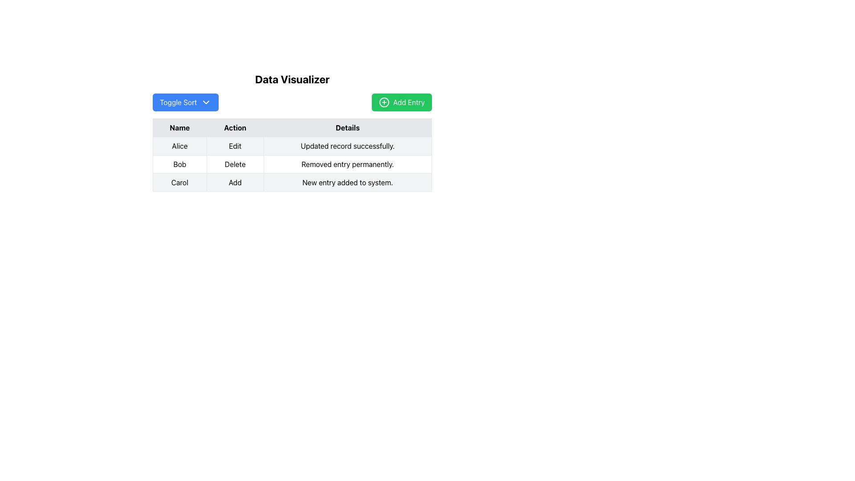  Describe the element at coordinates (179, 127) in the screenshot. I see `the text label displaying 'Name' in bold font style, which is the first header in the table layout` at that location.